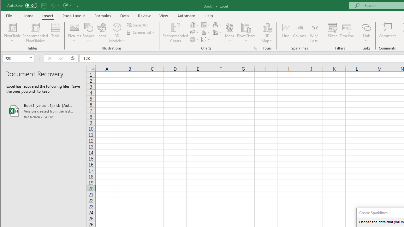  What do you see at coordinates (346, 33) in the screenshot?
I see `'Timeline'` at bounding box center [346, 33].